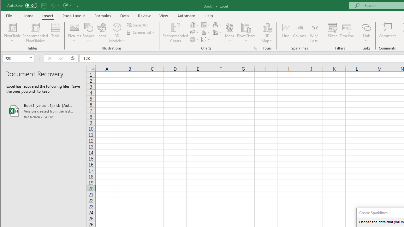  What do you see at coordinates (346, 33) in the screenshot?
I see `'Timeline'` at bounding box center [346, 33].